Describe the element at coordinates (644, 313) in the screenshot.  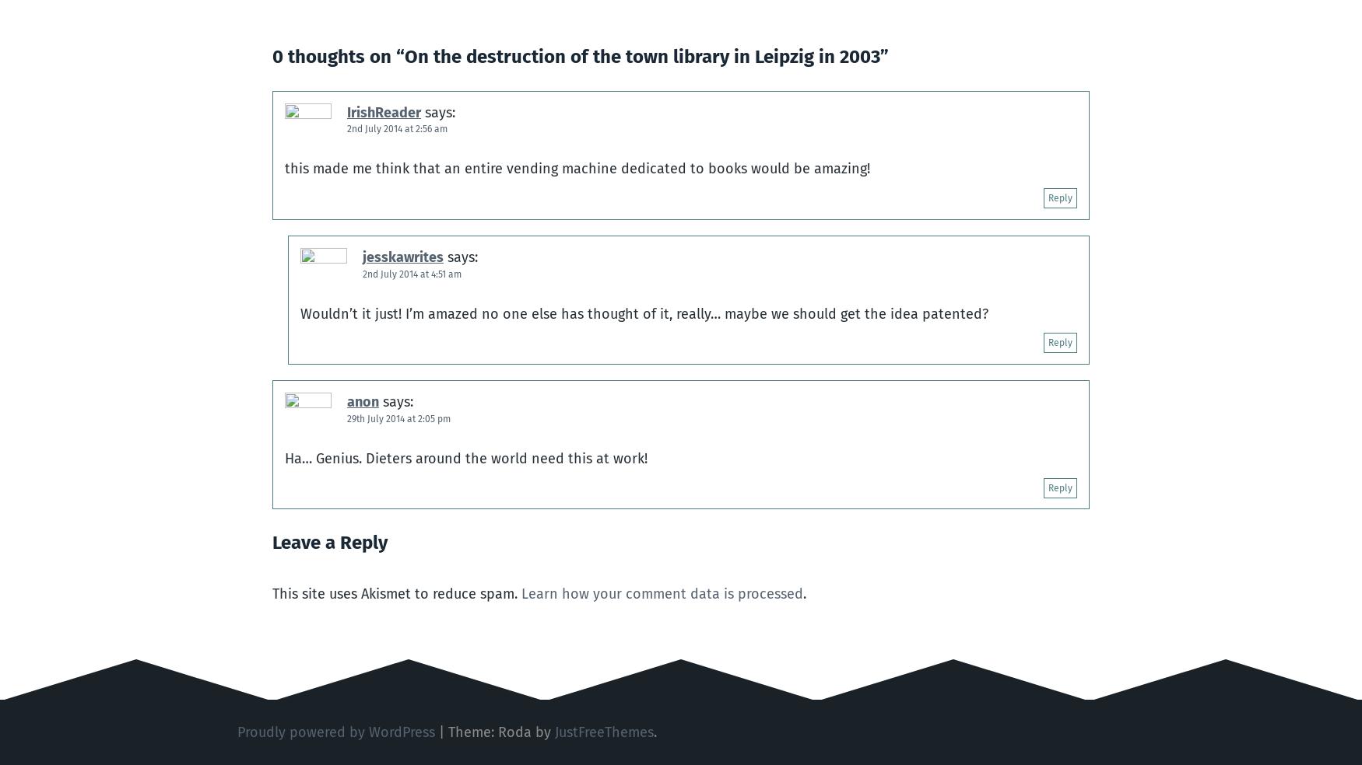
I see `'Wouldn’t it just! I’m amazed no one else has thought of it, really… maybe we should get the idea patented?'` at that location.